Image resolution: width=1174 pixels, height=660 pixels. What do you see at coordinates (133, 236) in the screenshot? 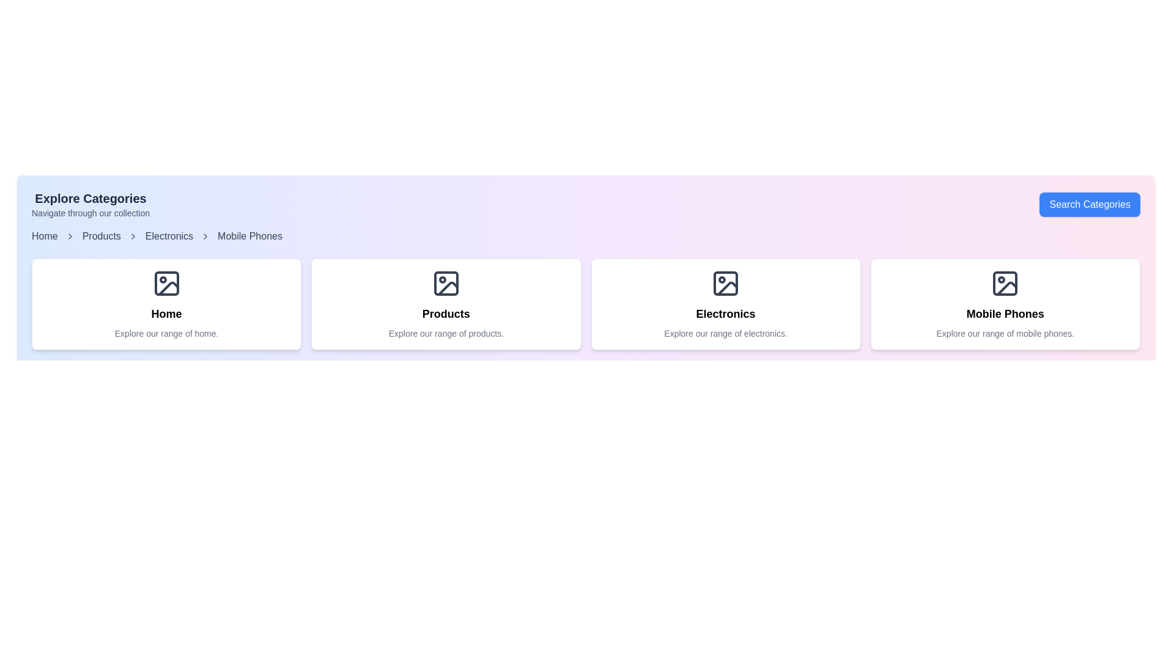
I see `the small right-pointing chevron icon in the breadcrumb navigation bar, which is styled with a thin stroke and located between 'Home' and 'Products'` at bounding box center [133, 236].